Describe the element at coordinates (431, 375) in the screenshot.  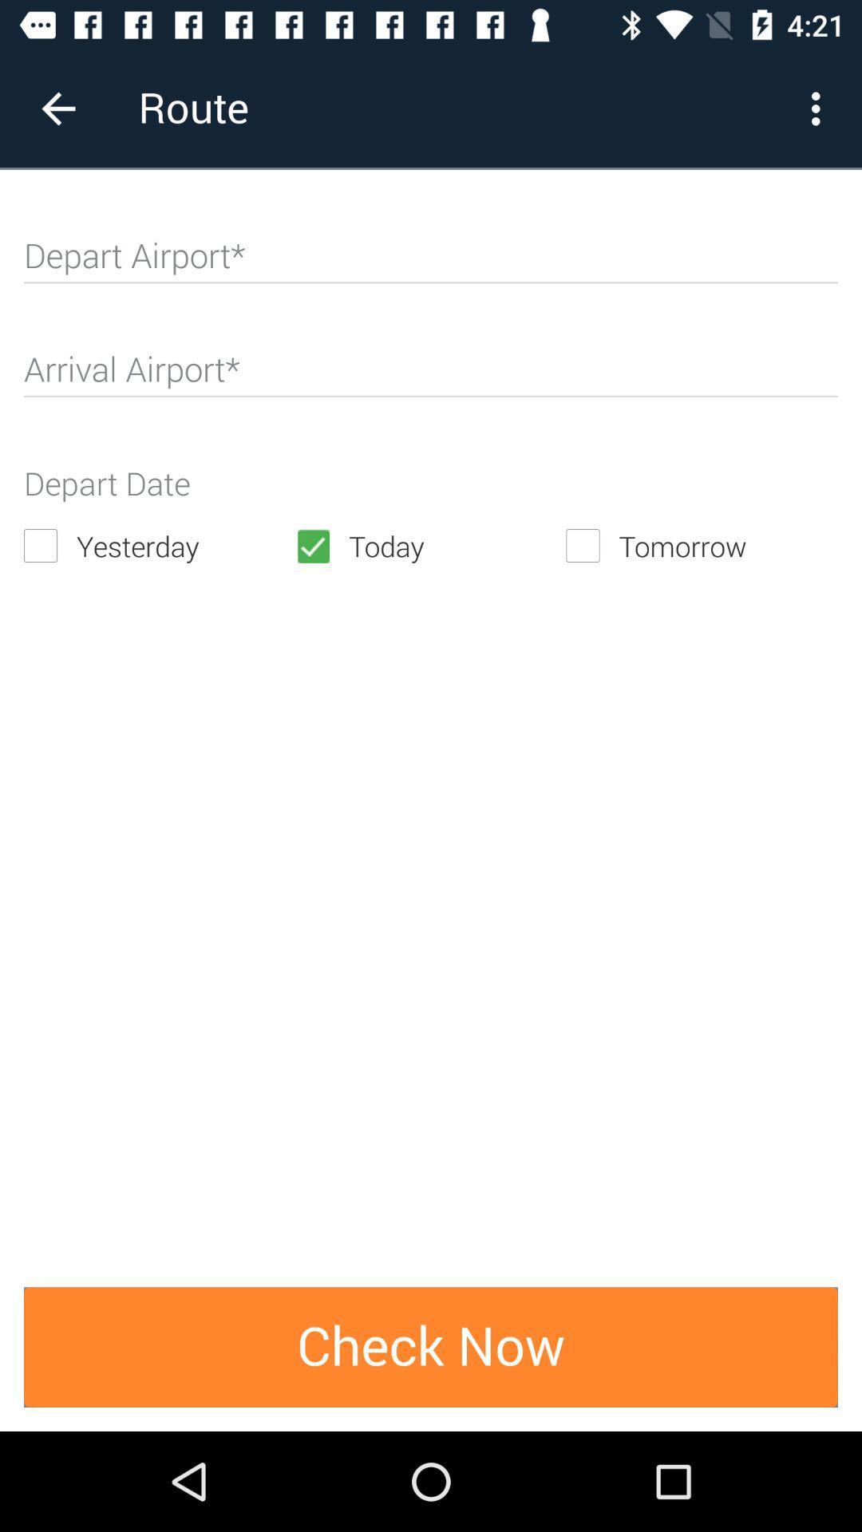
I see `type arrival airport` at that location.